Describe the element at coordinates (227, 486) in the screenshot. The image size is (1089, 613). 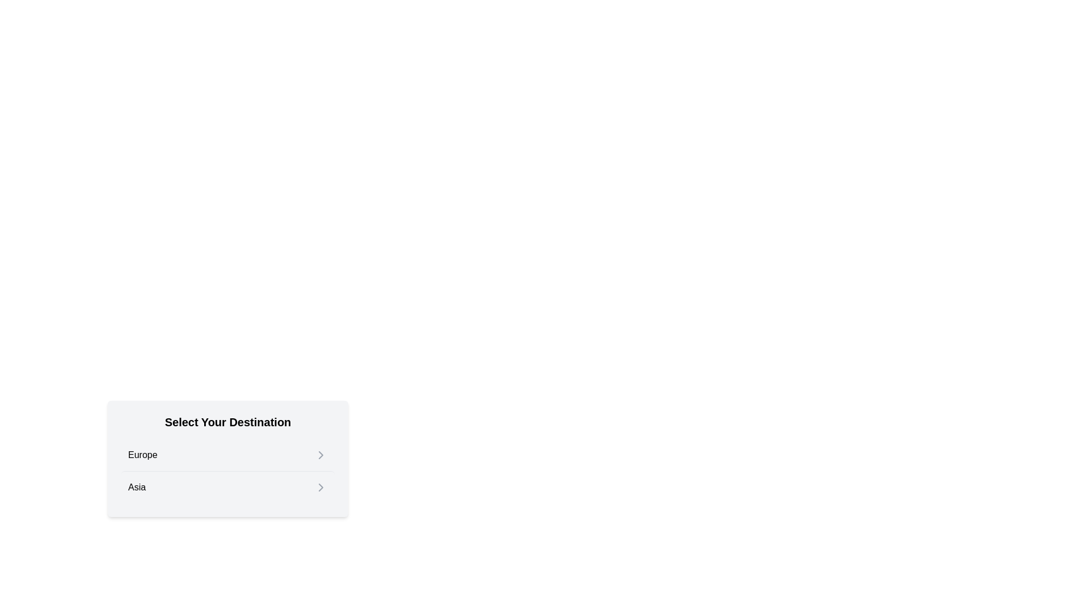
I see `the 'Asia' button-like list item located below the 'Europe' option in the 'Select Your Destination' section` at that location.